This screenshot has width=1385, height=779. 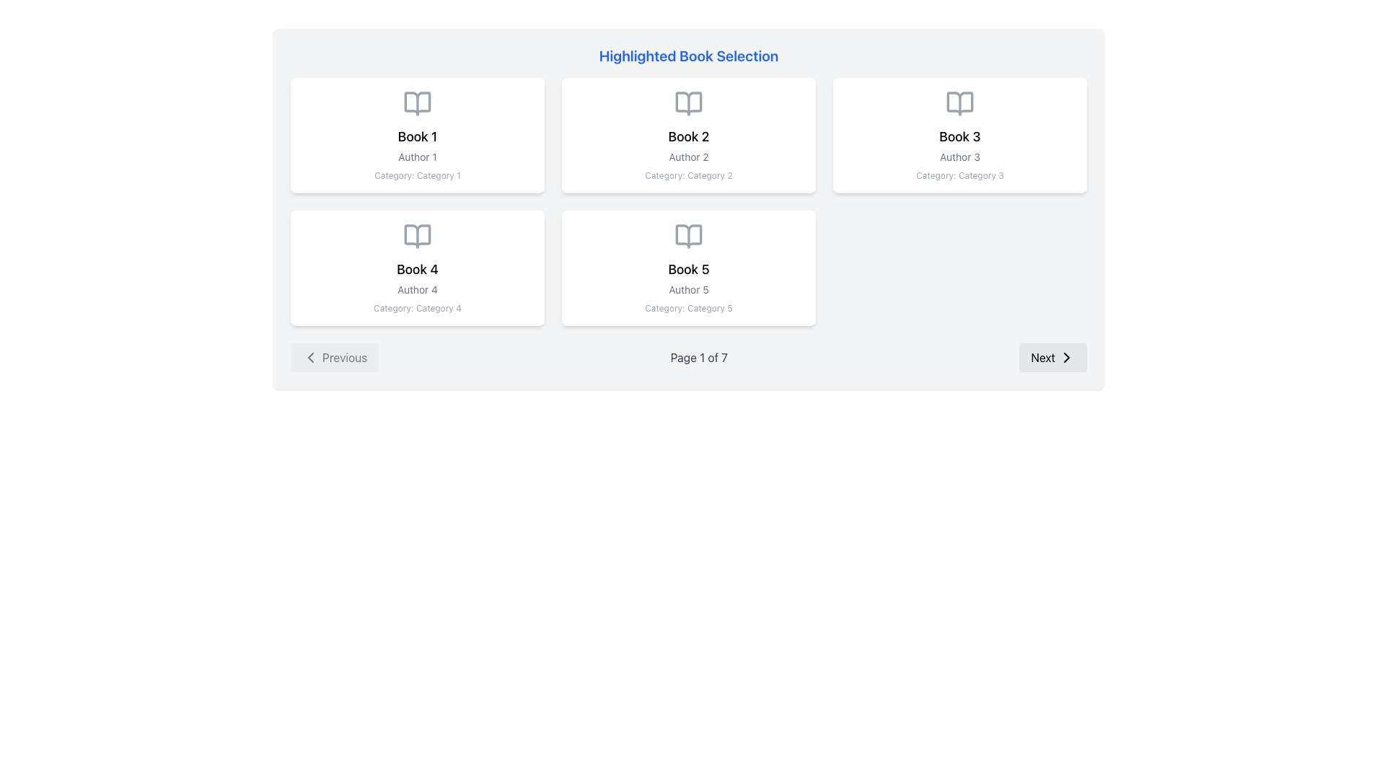 I want to click on the right-pointing arrow icon within the 'Next' button located at the lower-right corner of the interface, so click(x=1066, y=357).